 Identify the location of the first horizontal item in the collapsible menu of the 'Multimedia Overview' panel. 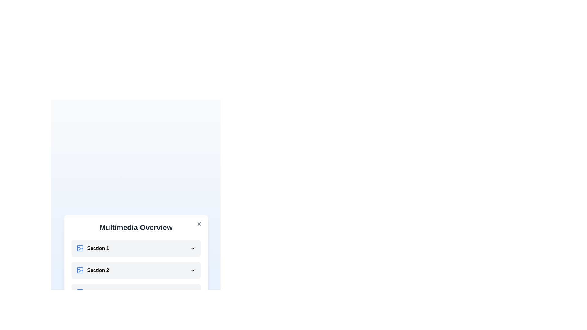
(92, 248).